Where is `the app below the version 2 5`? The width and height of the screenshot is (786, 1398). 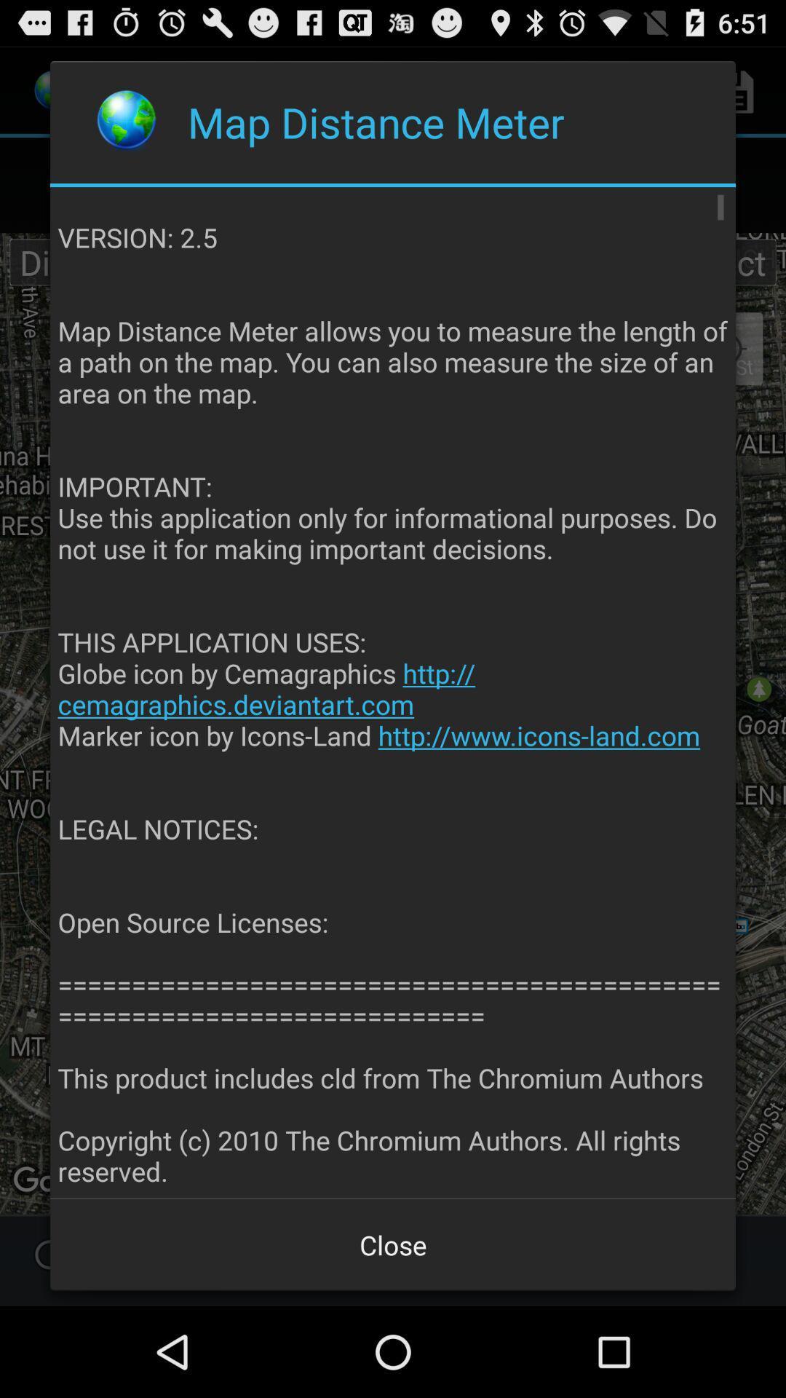
the app below the version 2 5 is located at coordinates (393, 1244).